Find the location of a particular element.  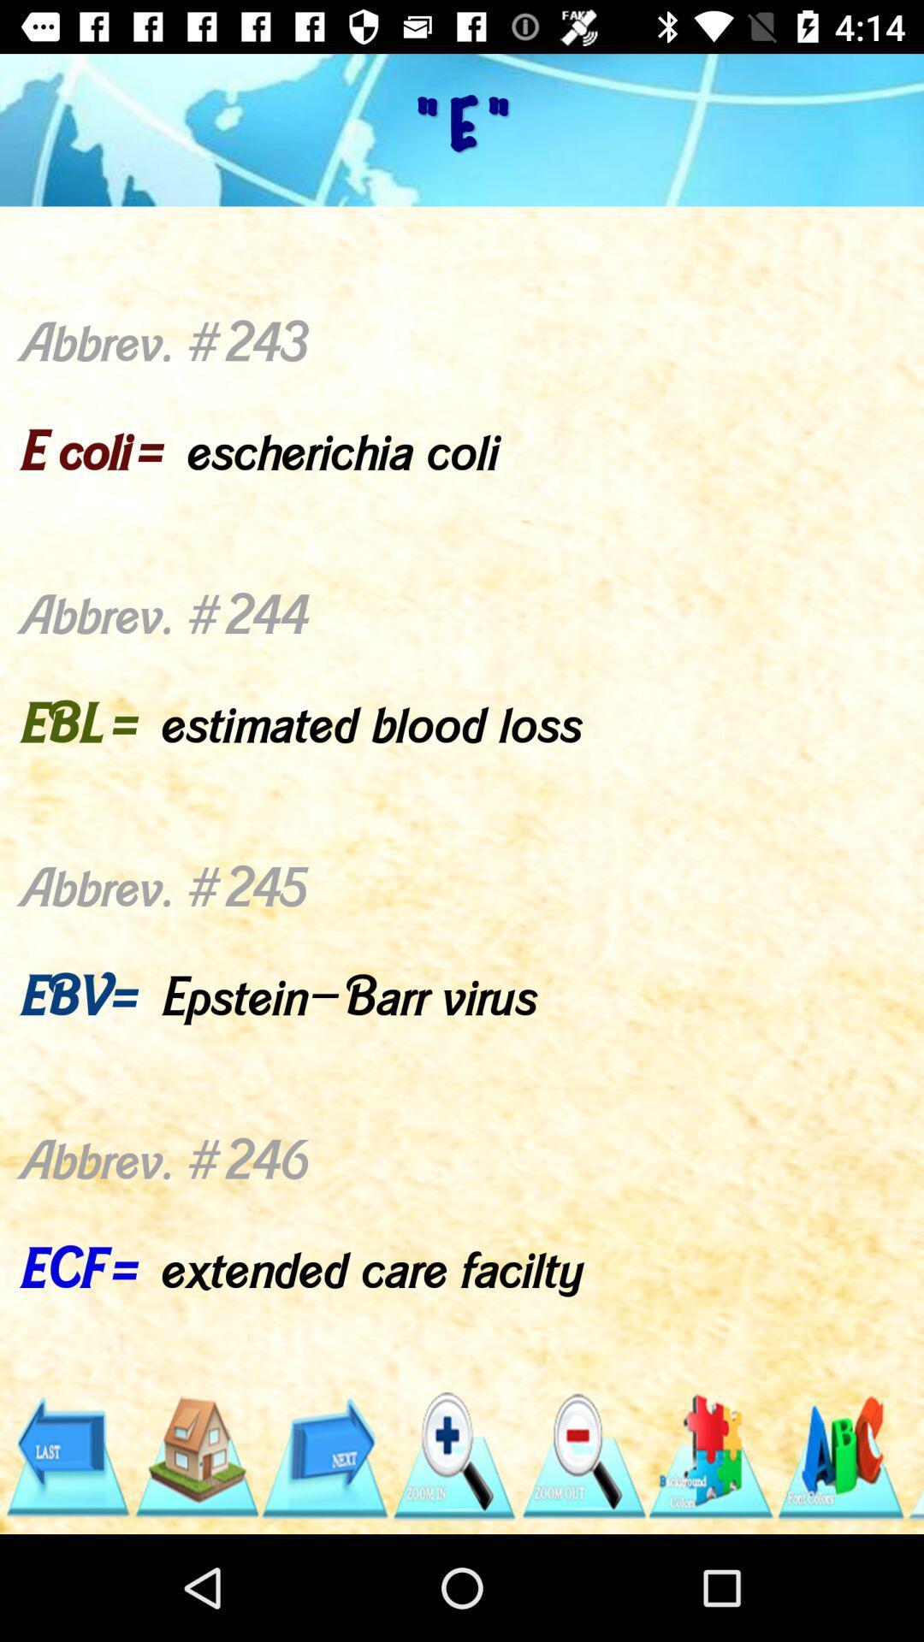

item below abbrev 	243	 	e item is located at coordinates (712, 1456).